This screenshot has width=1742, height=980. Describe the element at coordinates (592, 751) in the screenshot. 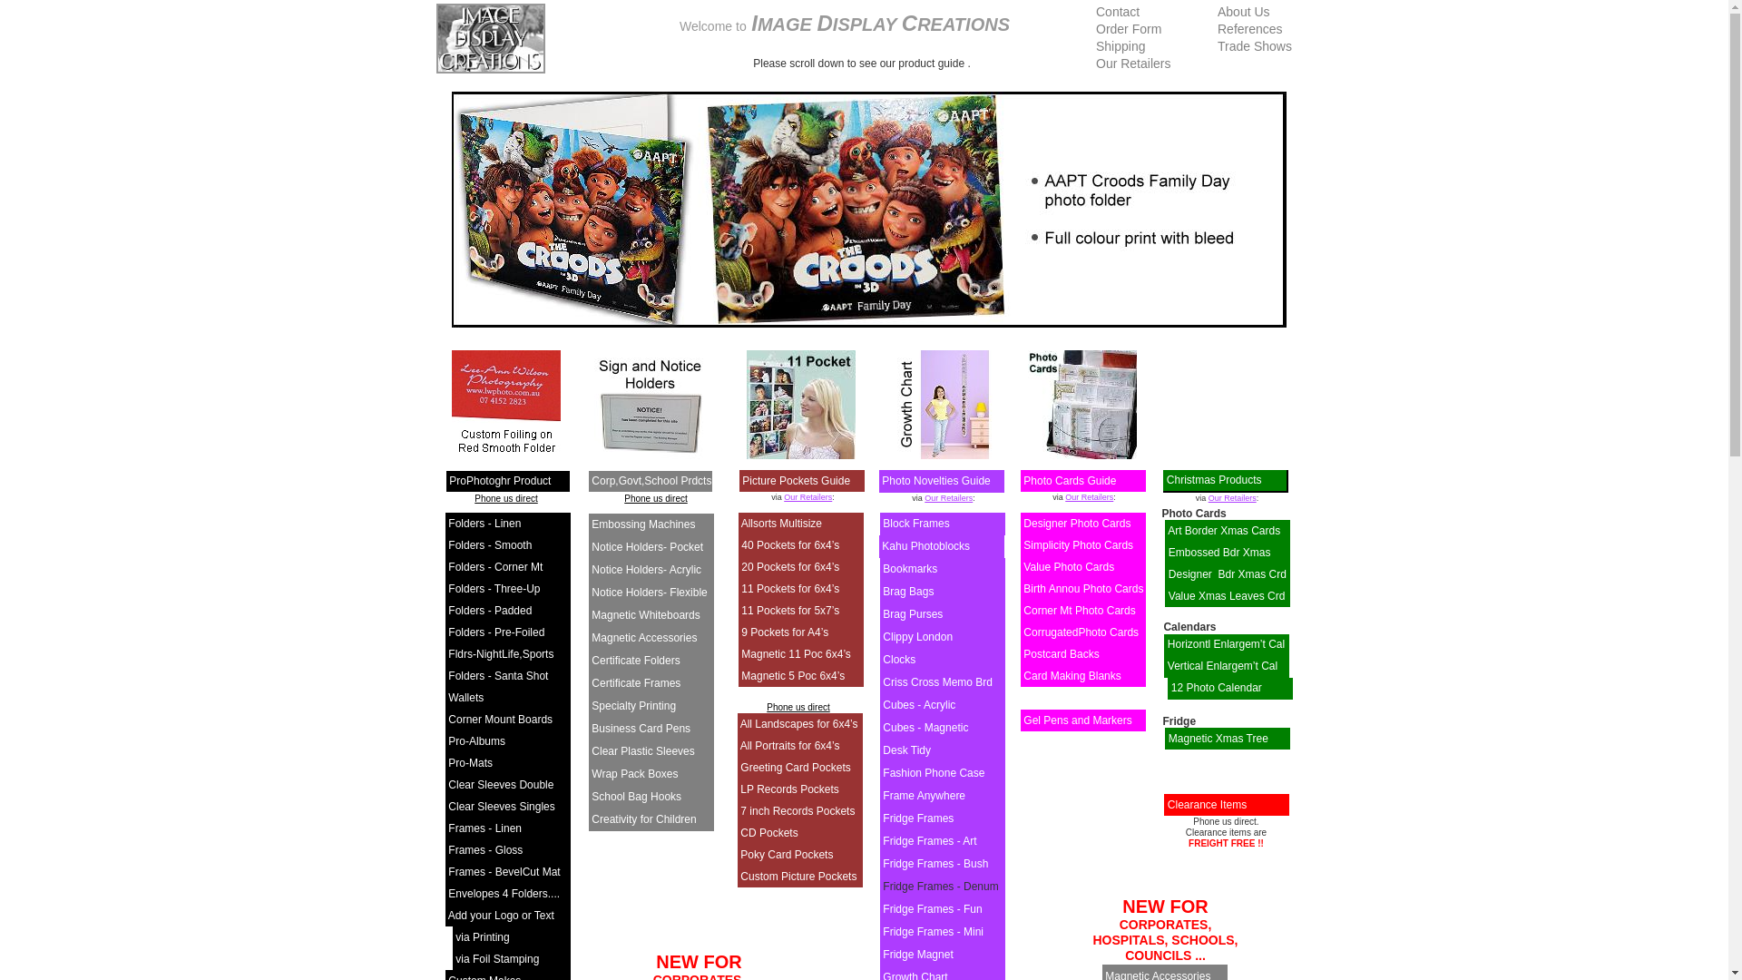

I see `'Clear Plastic Sleeves'` at that location.